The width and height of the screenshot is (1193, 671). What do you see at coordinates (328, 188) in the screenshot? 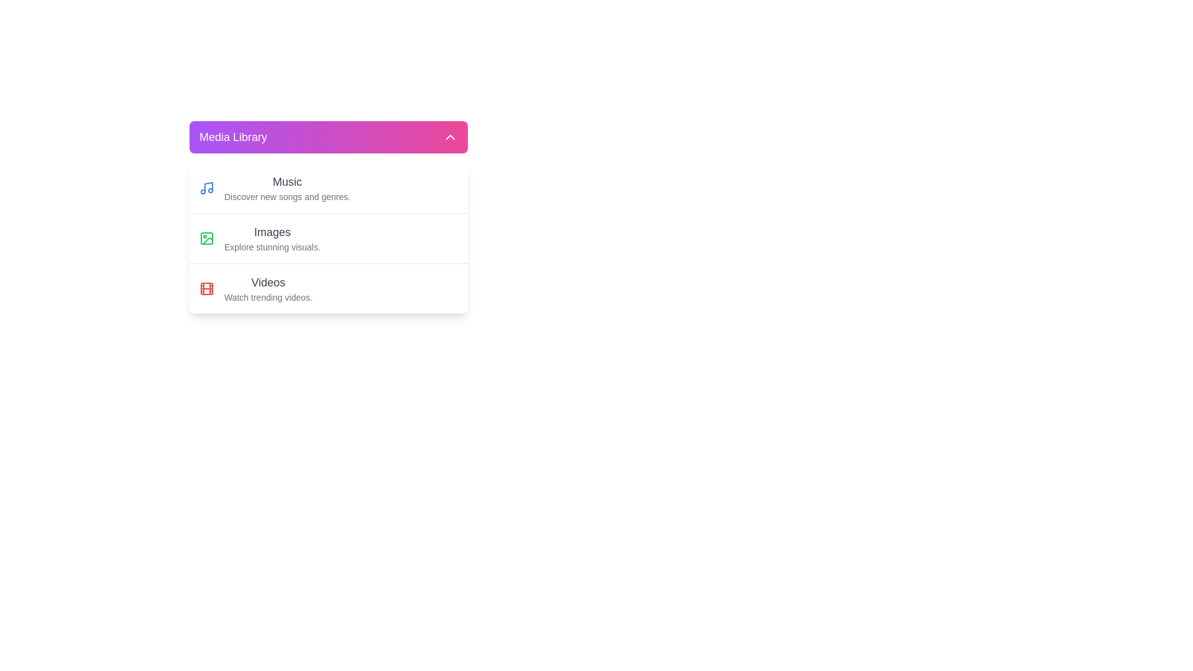
I see `the first clickable list item in the Media Library, which features a blue music note icon and the title 'Music'` at bounding box center [328, 188].